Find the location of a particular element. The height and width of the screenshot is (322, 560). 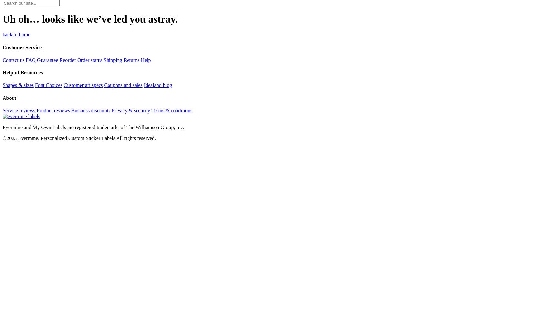

'Customer art specs' is located at coordinates (83, 85).